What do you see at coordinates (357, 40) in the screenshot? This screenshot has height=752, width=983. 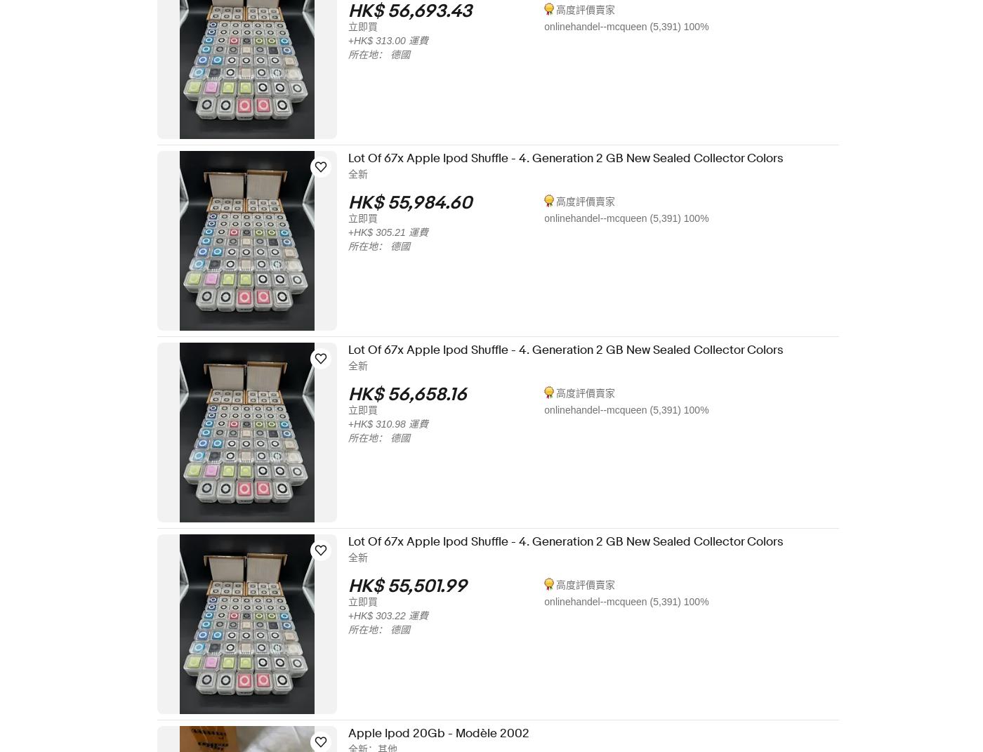 I see `'+HK$ 313.00 運費'` at bounding box center [357, 40].